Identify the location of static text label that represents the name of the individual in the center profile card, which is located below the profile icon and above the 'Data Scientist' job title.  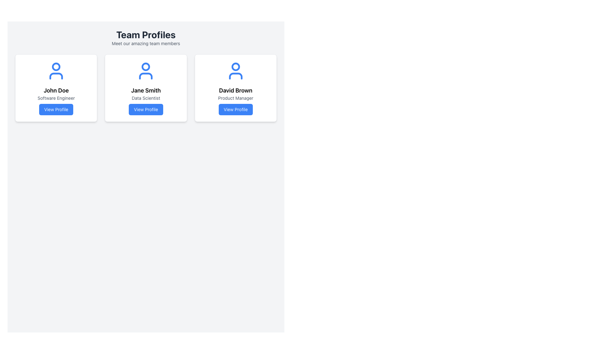
(146, 90).